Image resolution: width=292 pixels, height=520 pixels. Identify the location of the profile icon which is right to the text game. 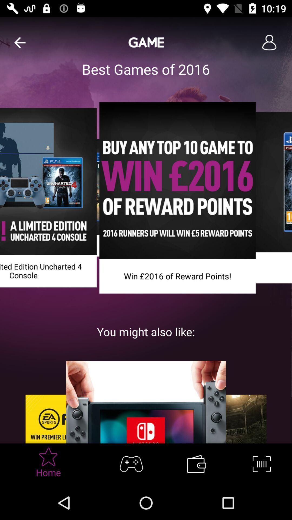
(269, 42).